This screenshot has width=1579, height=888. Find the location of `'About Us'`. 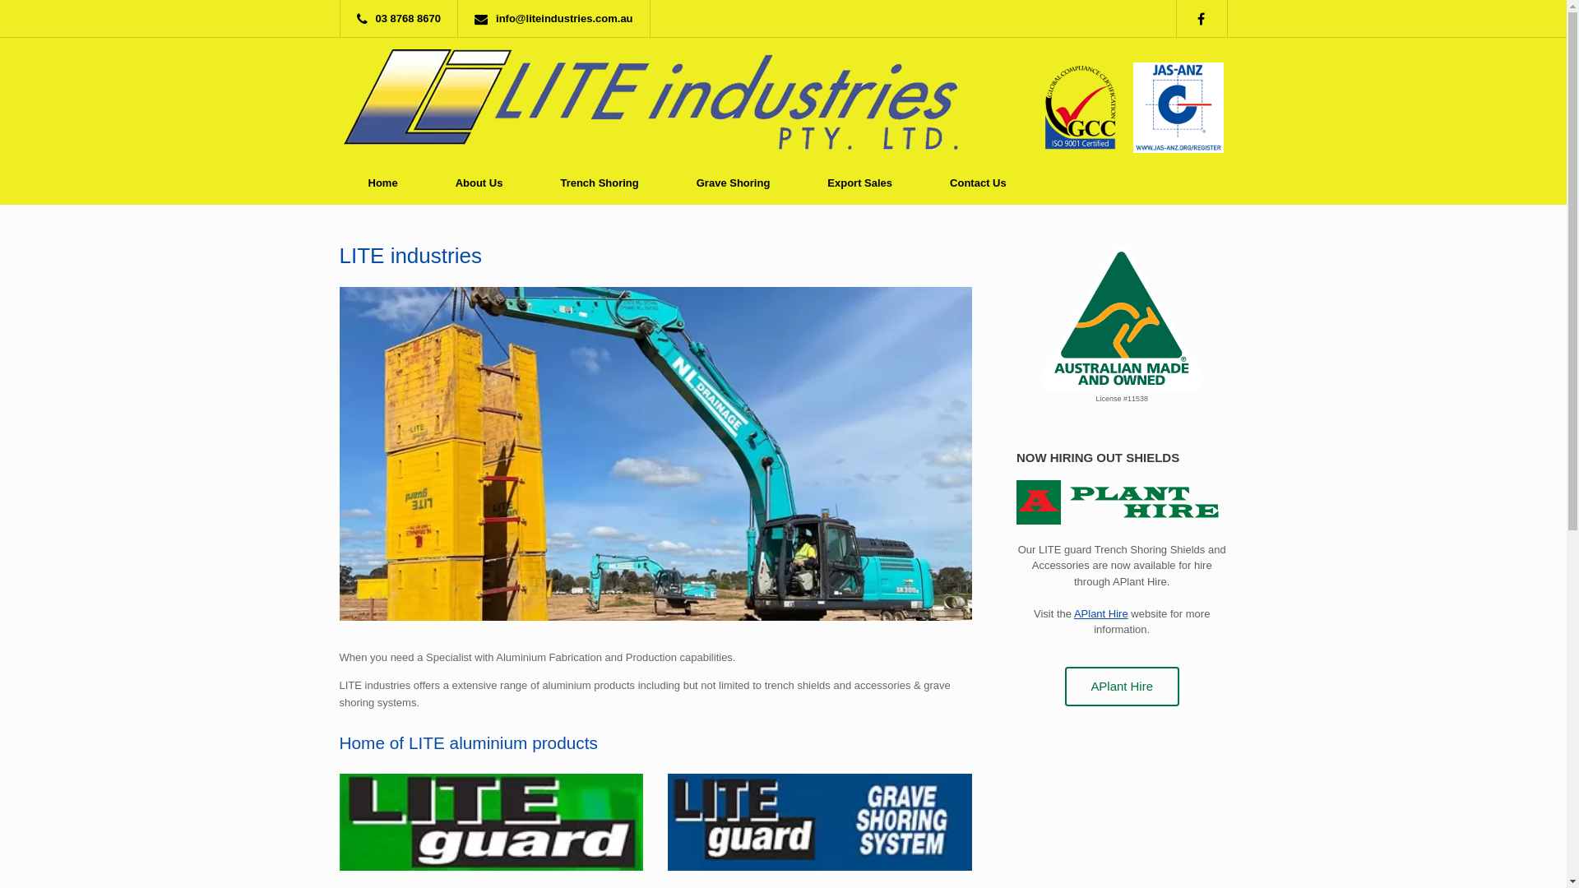

'About Us' is located at coordinates (478, 183).